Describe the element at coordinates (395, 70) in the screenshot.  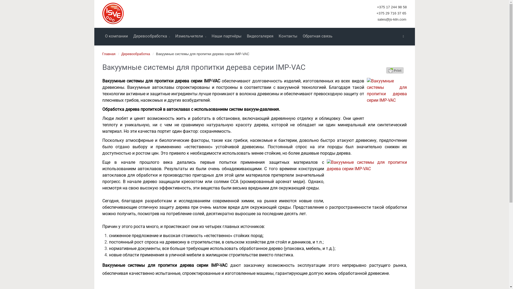
I see `'Printer Friendly, PDF & Email'` at that location.